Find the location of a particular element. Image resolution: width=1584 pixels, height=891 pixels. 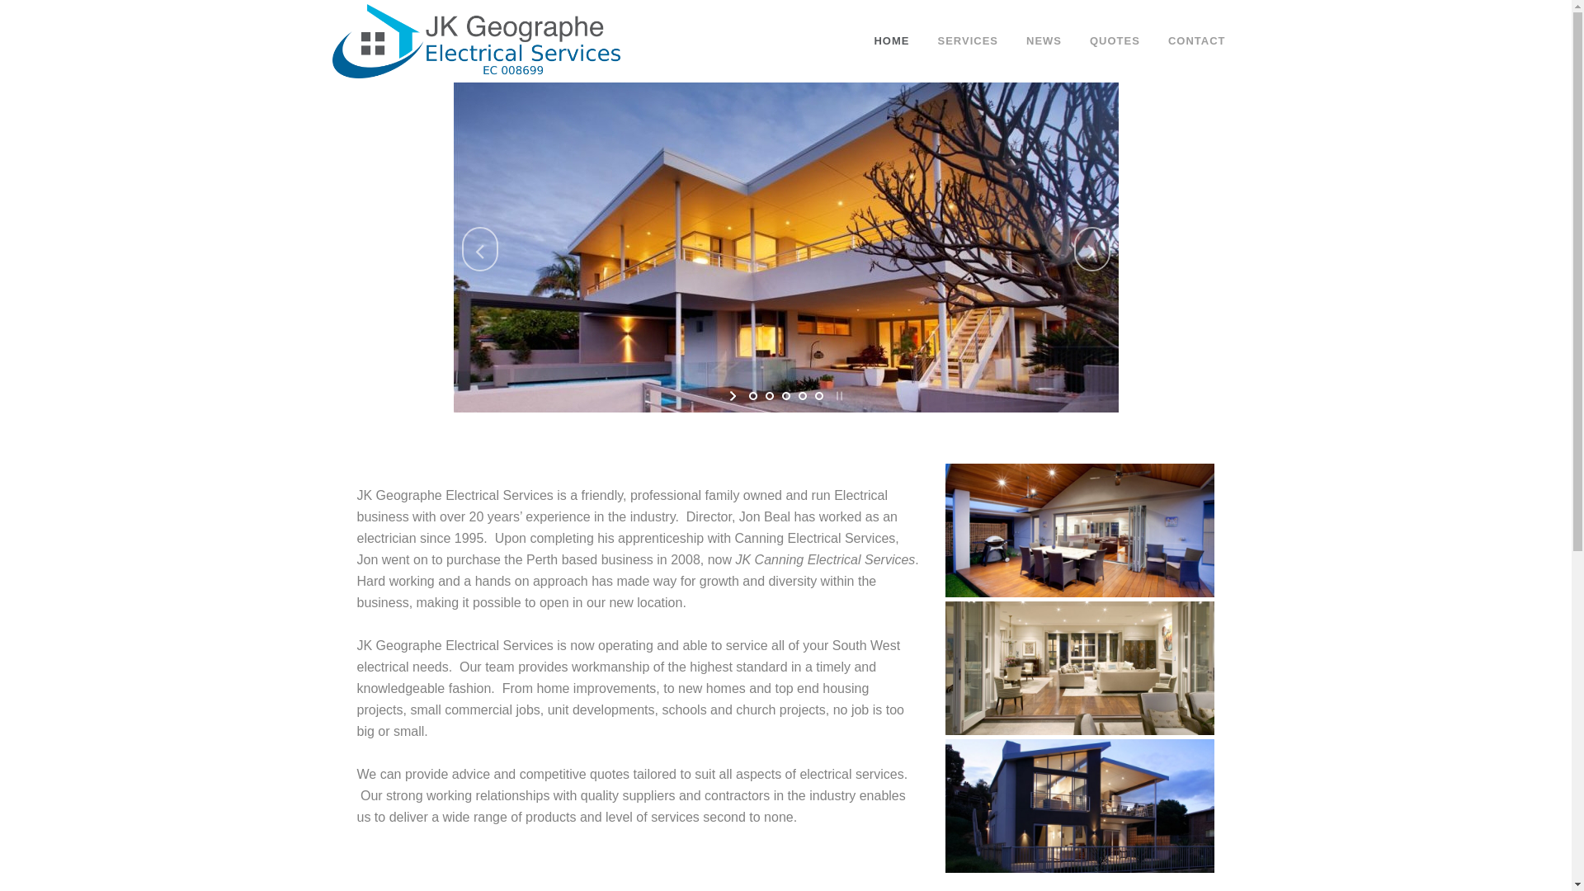

'SERVICES' is located at coordinates (967, 40).